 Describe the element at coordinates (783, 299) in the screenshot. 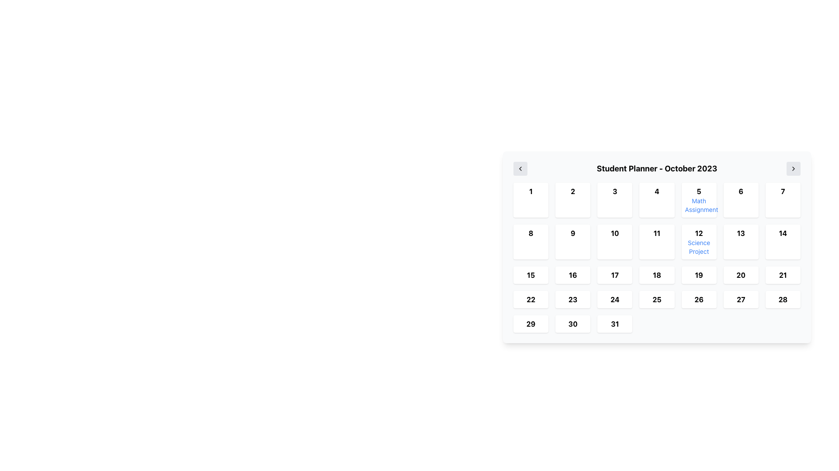

I see `the bold number '28' in the bottom-right corner of the calendar grid interface to get additional information` at that location.